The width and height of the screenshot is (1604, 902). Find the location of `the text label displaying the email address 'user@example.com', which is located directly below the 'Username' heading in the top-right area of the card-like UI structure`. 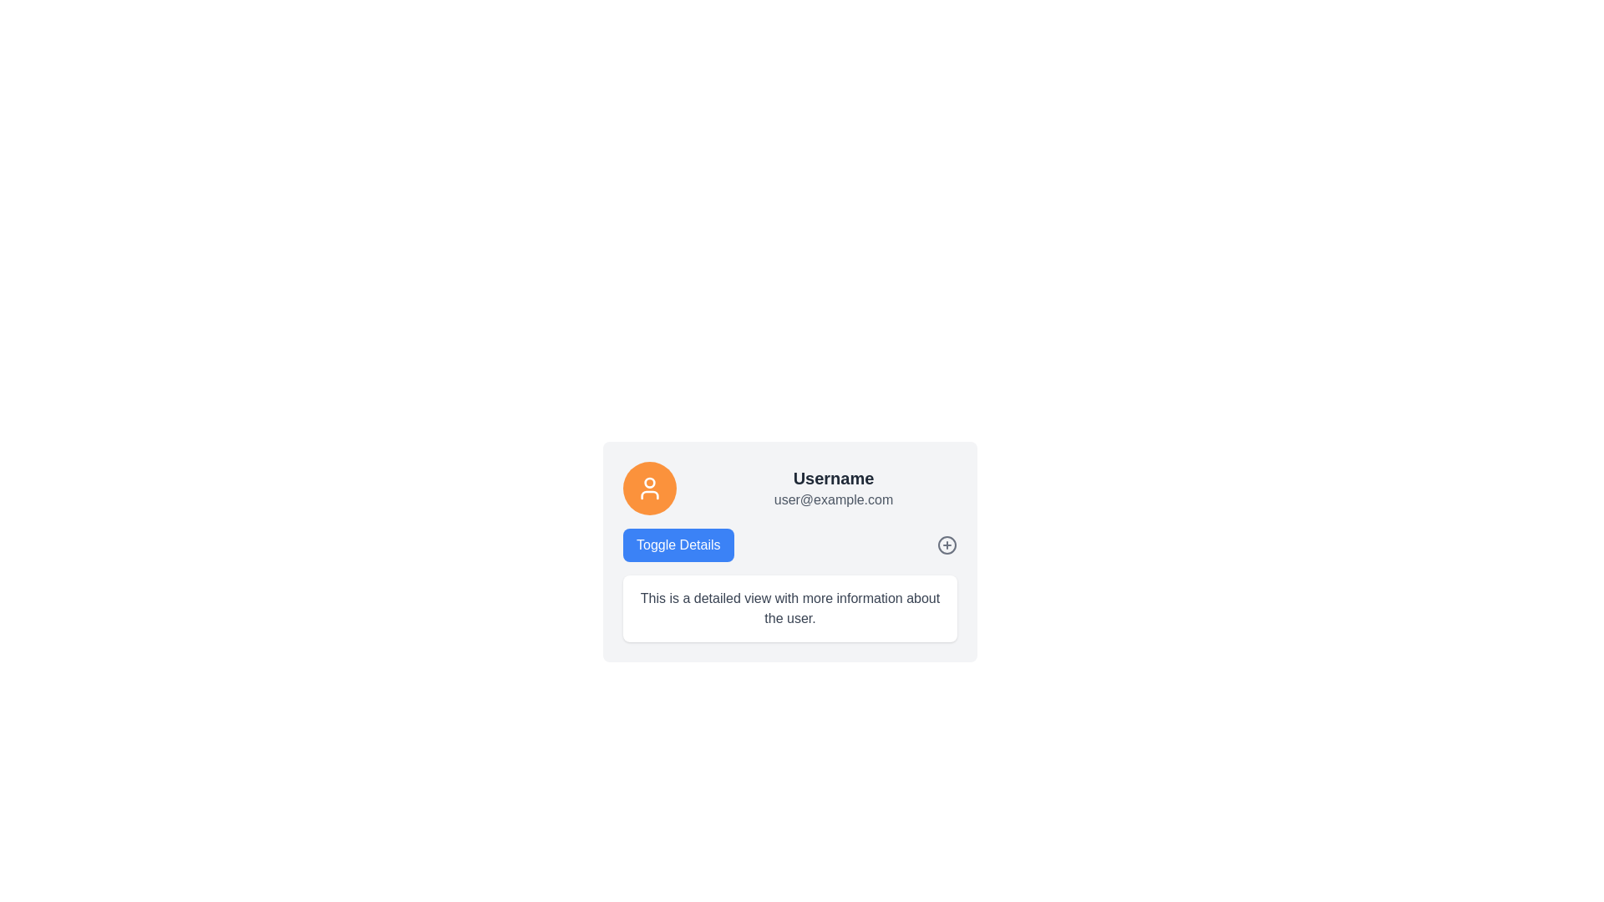

the text label displaying the email address 'user@example.com', which is located directly below the 'Username' heading in the top-right area of the card-like UI structure is located at coordinates (834, 499).